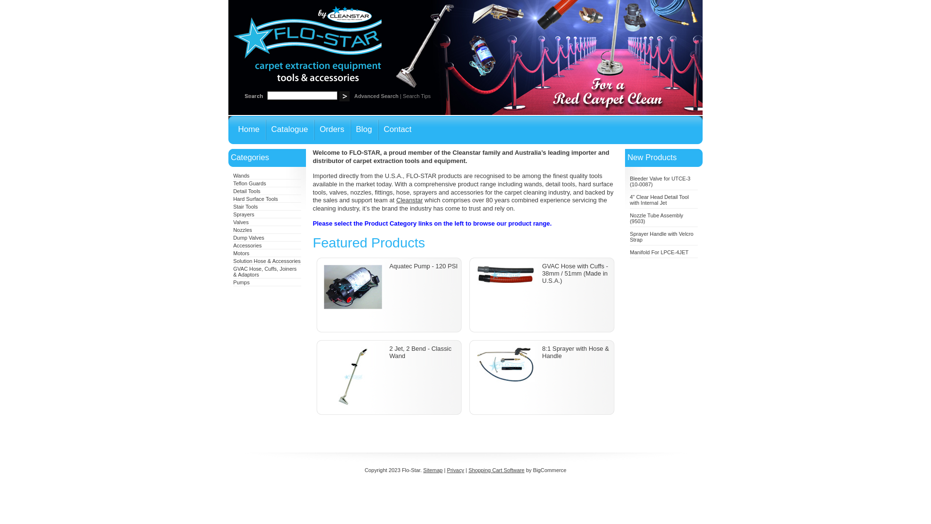  Describe the element at coordinates (246, 191) in the screenshot. I see `'Detail Tools'` at that location.